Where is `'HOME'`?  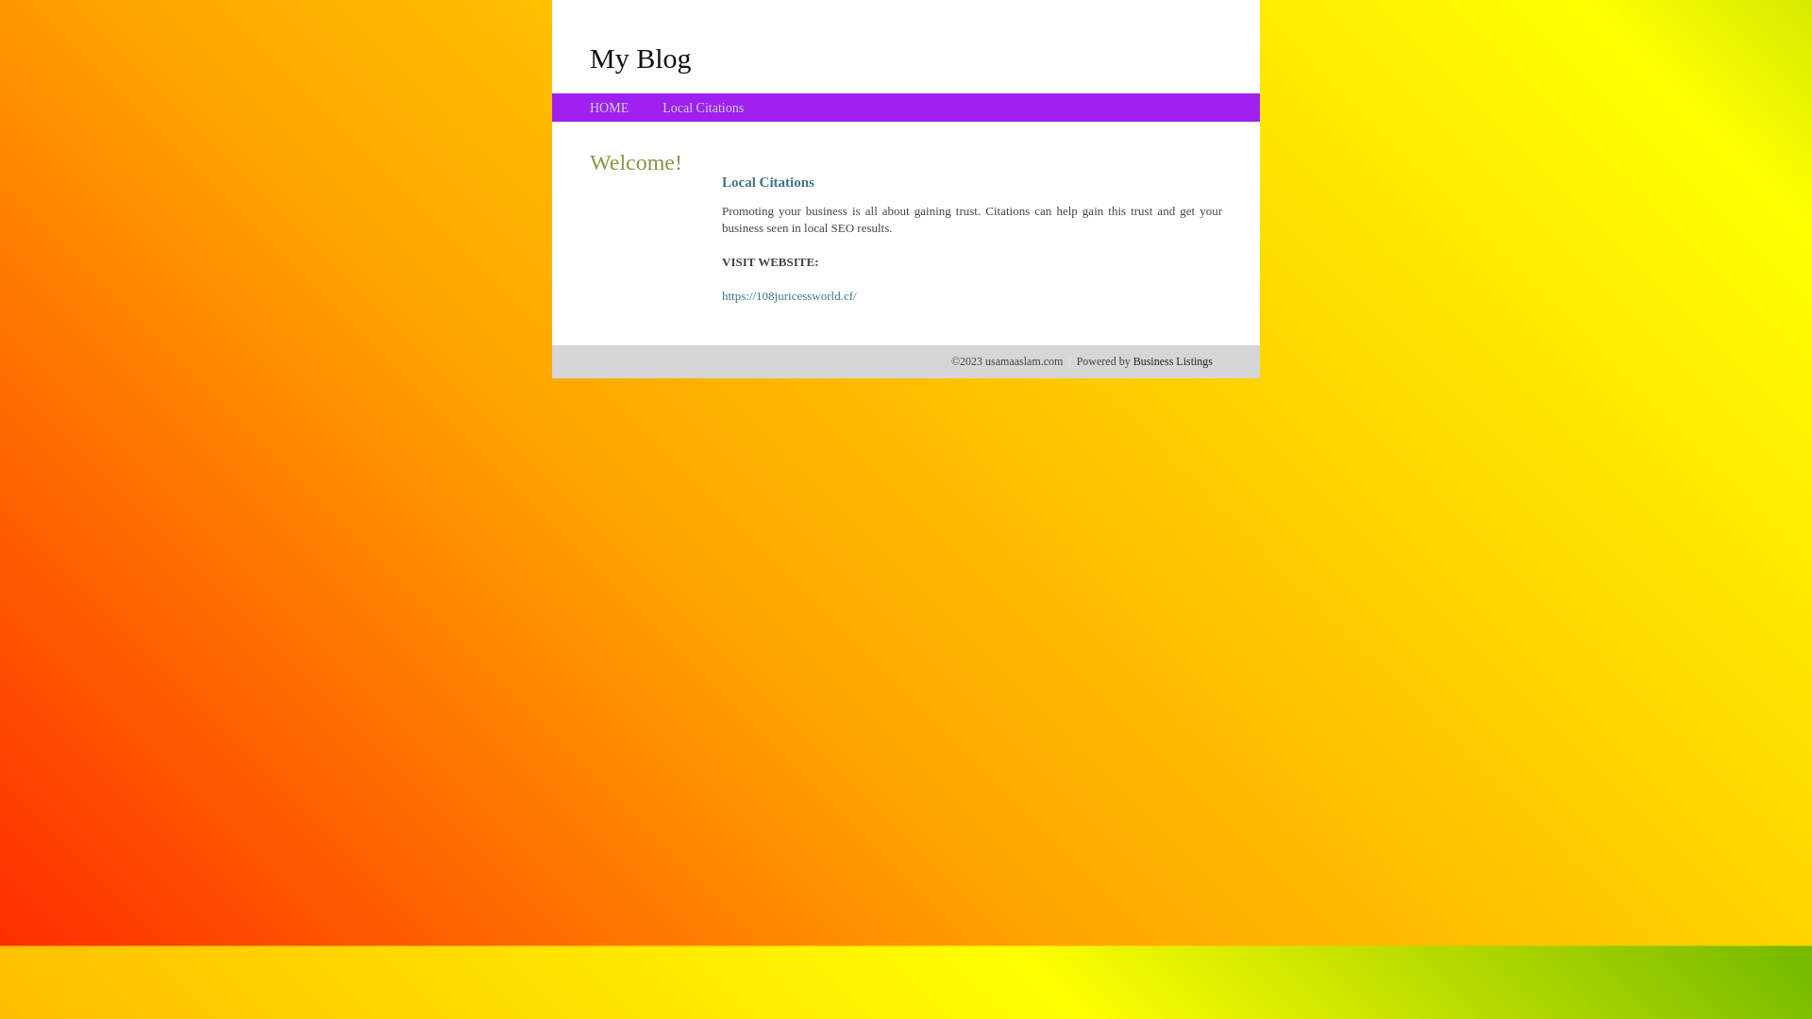
'HOME' is located at coordinates (609, 108).